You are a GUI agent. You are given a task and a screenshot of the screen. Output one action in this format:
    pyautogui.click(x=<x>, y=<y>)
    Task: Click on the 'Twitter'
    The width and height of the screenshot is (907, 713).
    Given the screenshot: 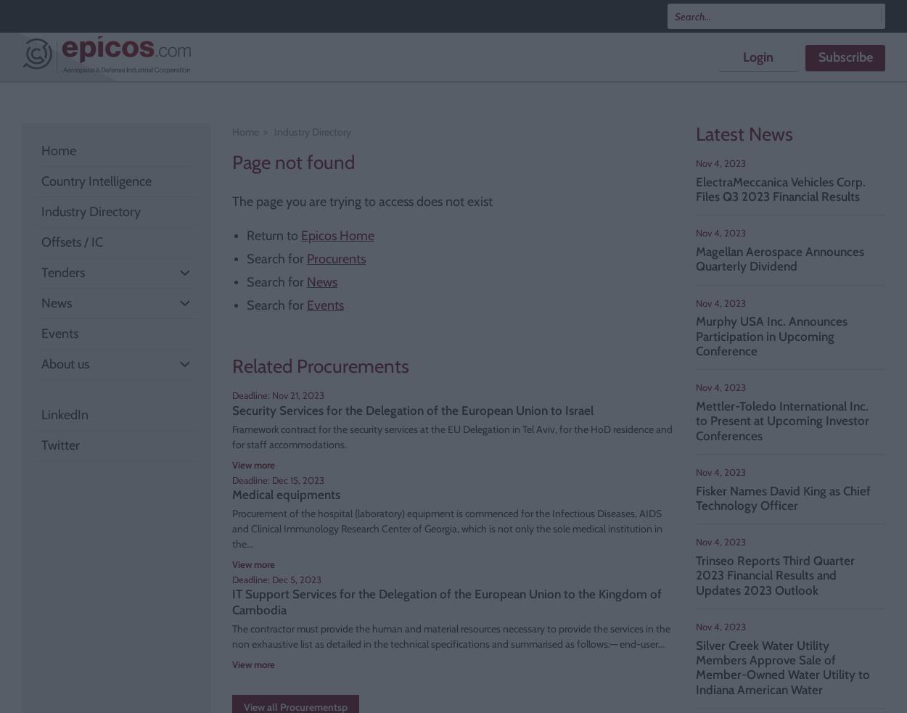 What is the action you would take?
    pyautogui.click(x=59, y=445)
    